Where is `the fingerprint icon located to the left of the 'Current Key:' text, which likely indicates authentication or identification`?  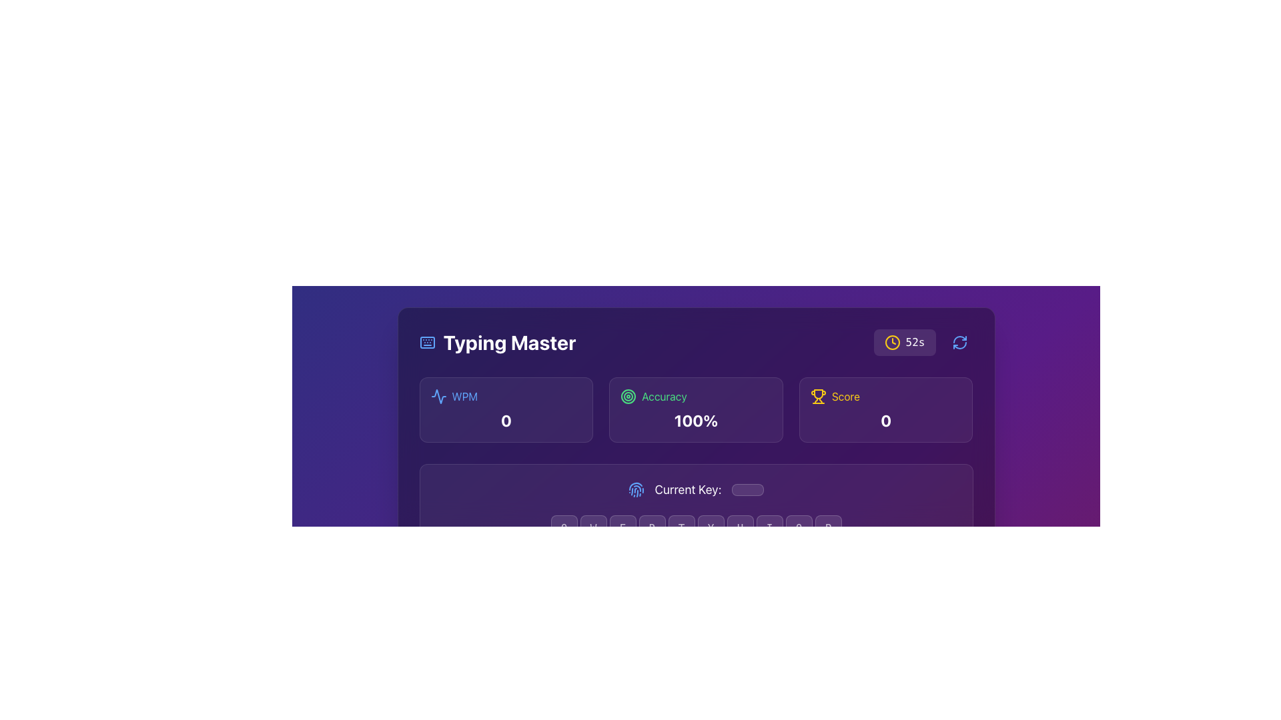
the fingerprint icon located to the left of the 'Current Key:' text, which likely indicates authentication or identification is located at coordinates (635, 490).